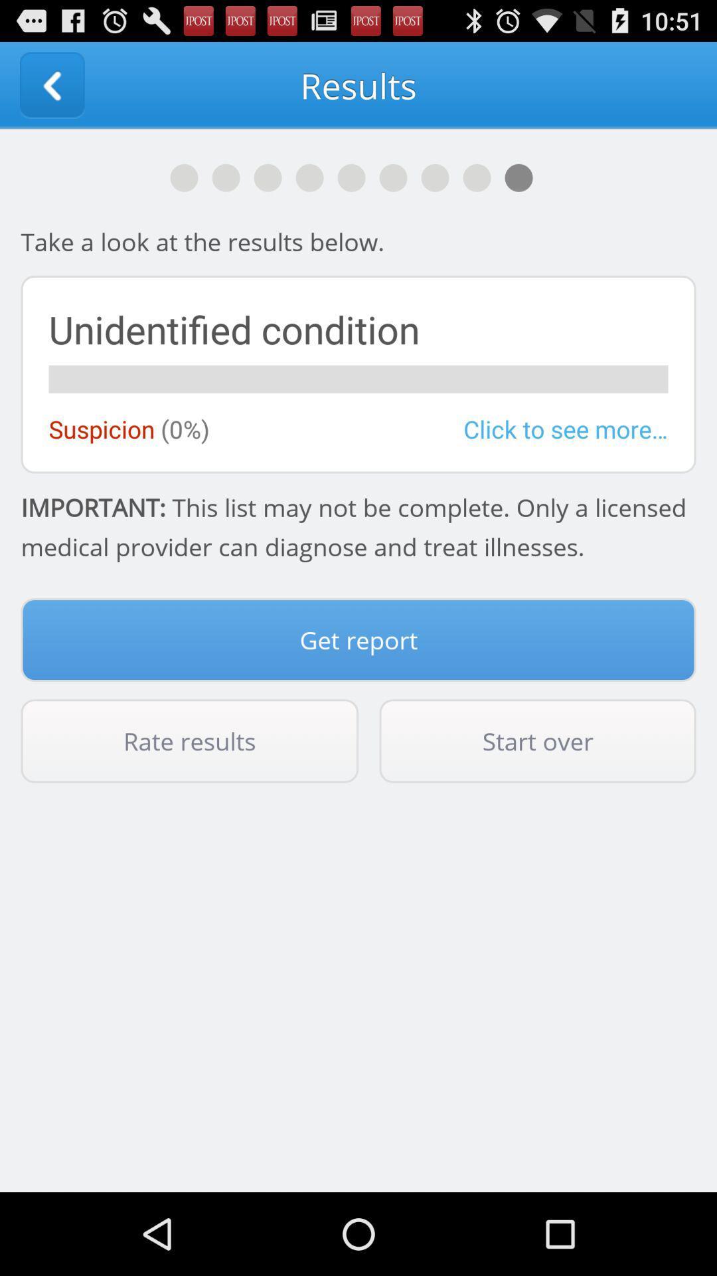 The image size is (717, 1276). I want to click on start over, so click(538, 740).